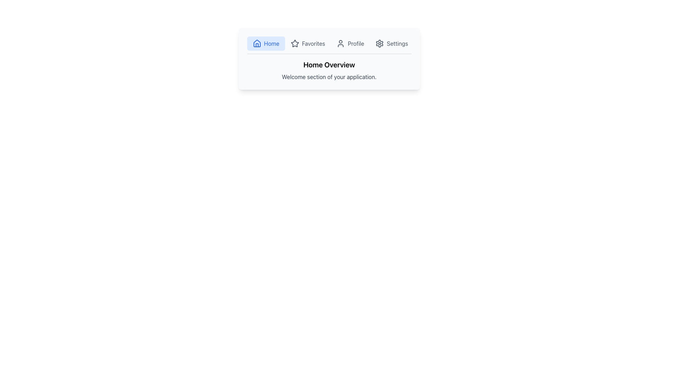 The width and height of the screenshot is (680, 383). Describe the element at coordinates (356, 44) in the screenshot. I see `the 'Profile' text label in the navigation menu` at that location.